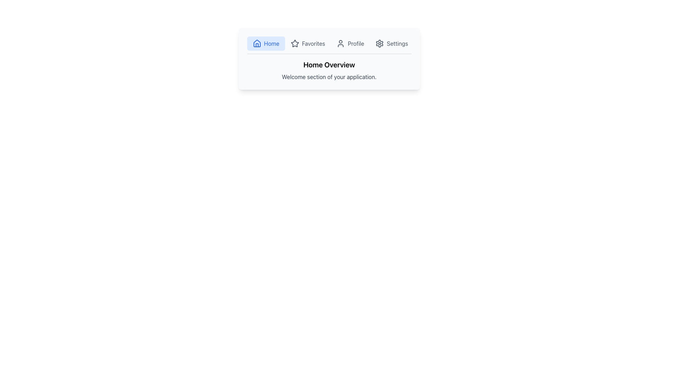 The width and height of the screenshot is (680, 383). Describe the element at coordinates (356, 44) in the screenshot. I see `the 'Profile' text label in the navigation menu` at that location.